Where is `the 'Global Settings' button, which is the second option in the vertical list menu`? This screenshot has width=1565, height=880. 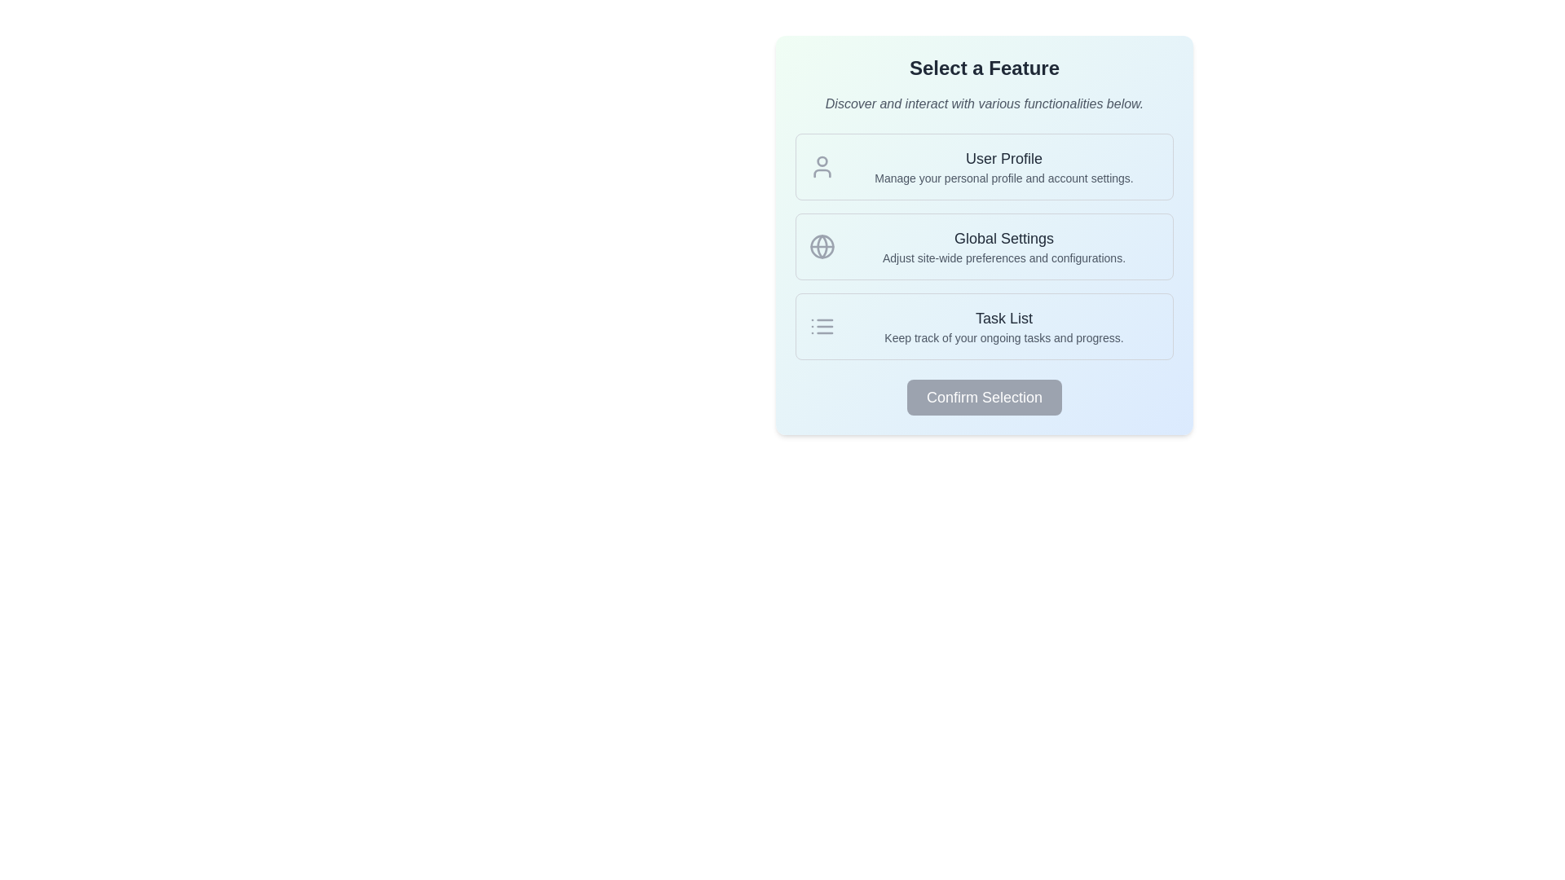 the 'Global Settings' button, which is the second option in the vertical list menu is located at coordinates (984, 247).